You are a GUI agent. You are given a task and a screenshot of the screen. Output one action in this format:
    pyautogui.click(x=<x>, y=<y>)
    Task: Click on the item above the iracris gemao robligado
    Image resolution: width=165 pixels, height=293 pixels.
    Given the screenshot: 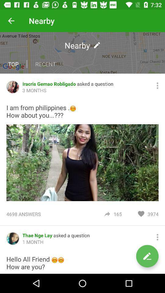 What is the action you would take?
    pyautogui.click(x=82, y=52)
    